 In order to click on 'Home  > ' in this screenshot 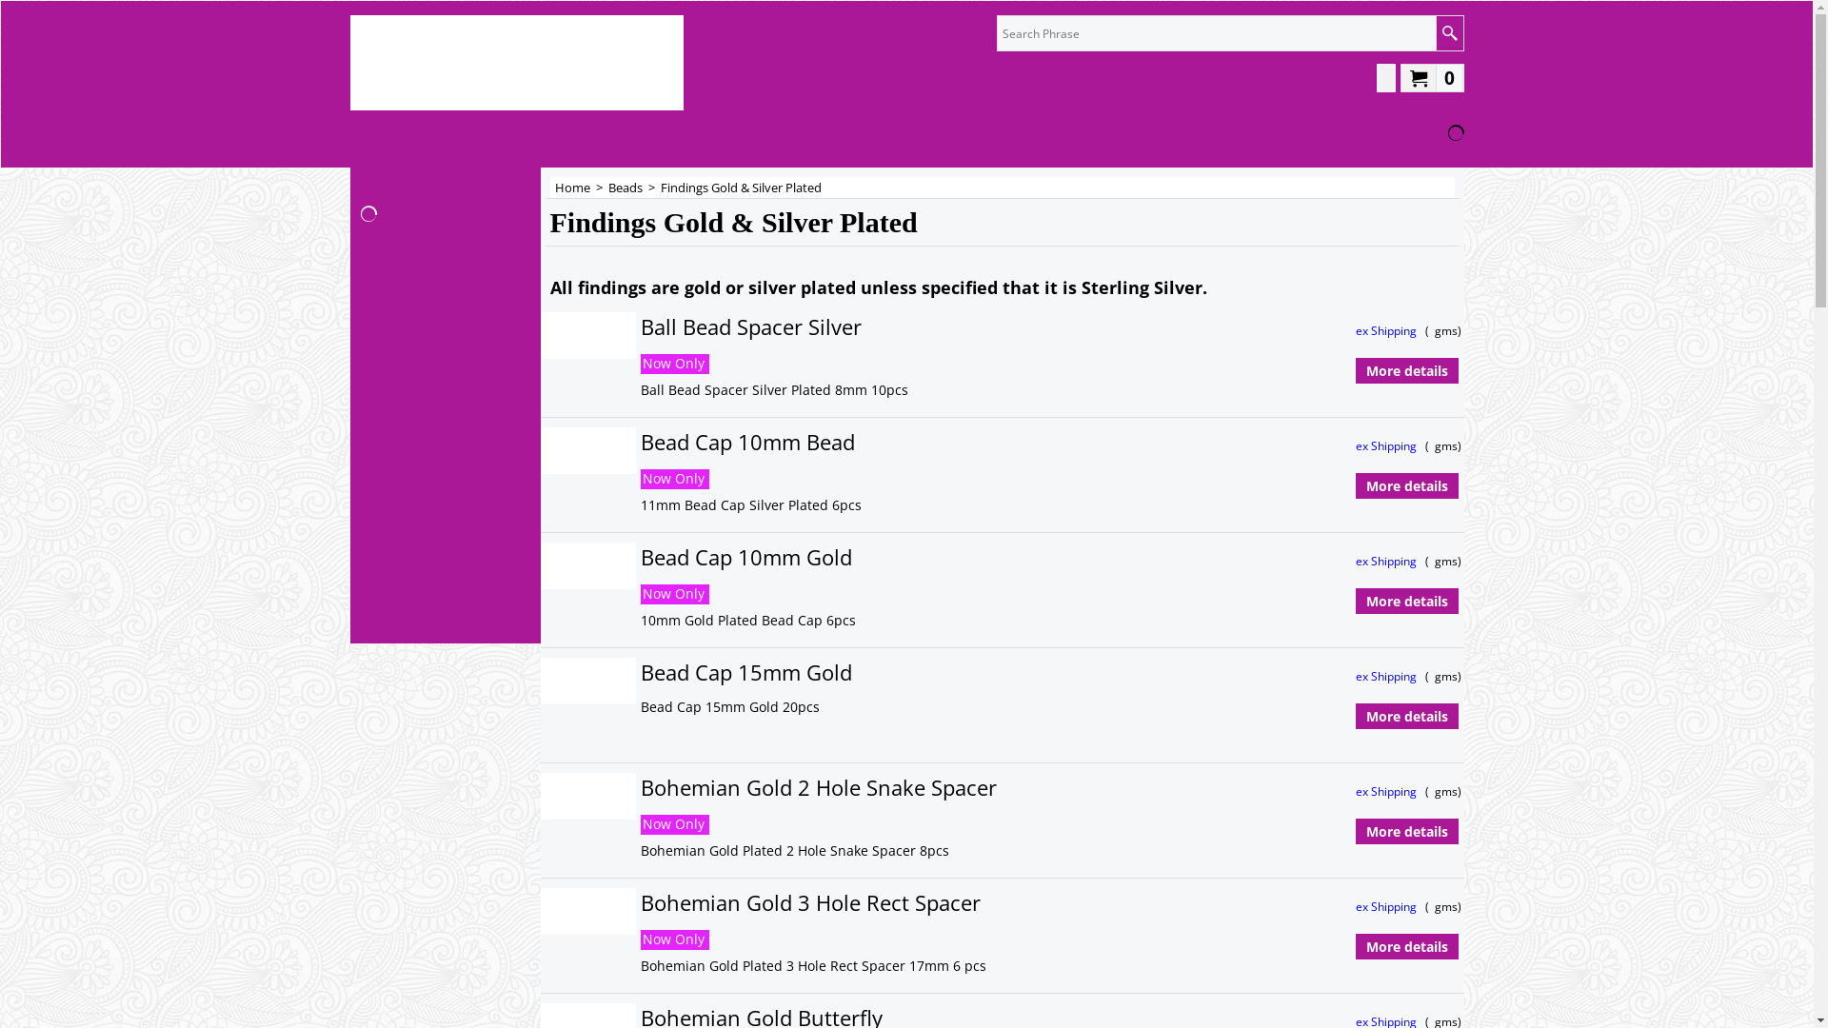, I will do `click(579, 187)`.